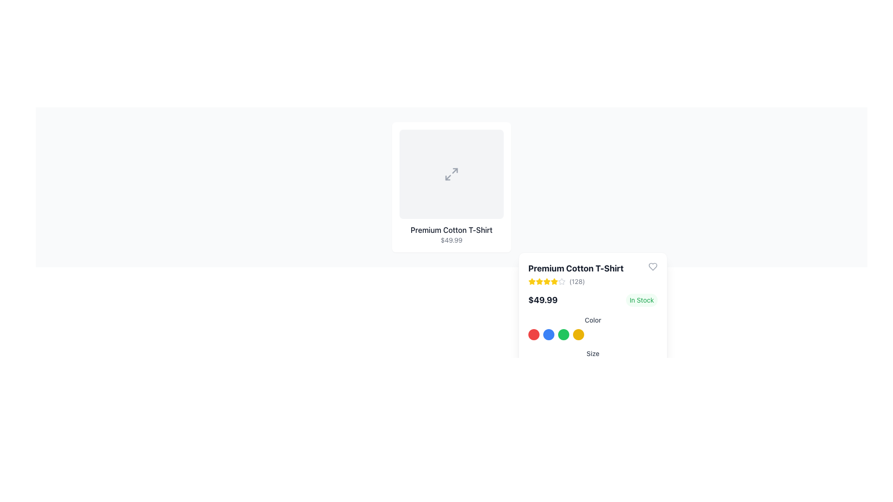 The width and height of the screenshot is (893, 502). What do you see at coordinates (554, 281) in the screenshot?
I see `the first star icon in the rating system next to the 'Premium Cotton T-Shirt' title` at bounding box center [554, 281].